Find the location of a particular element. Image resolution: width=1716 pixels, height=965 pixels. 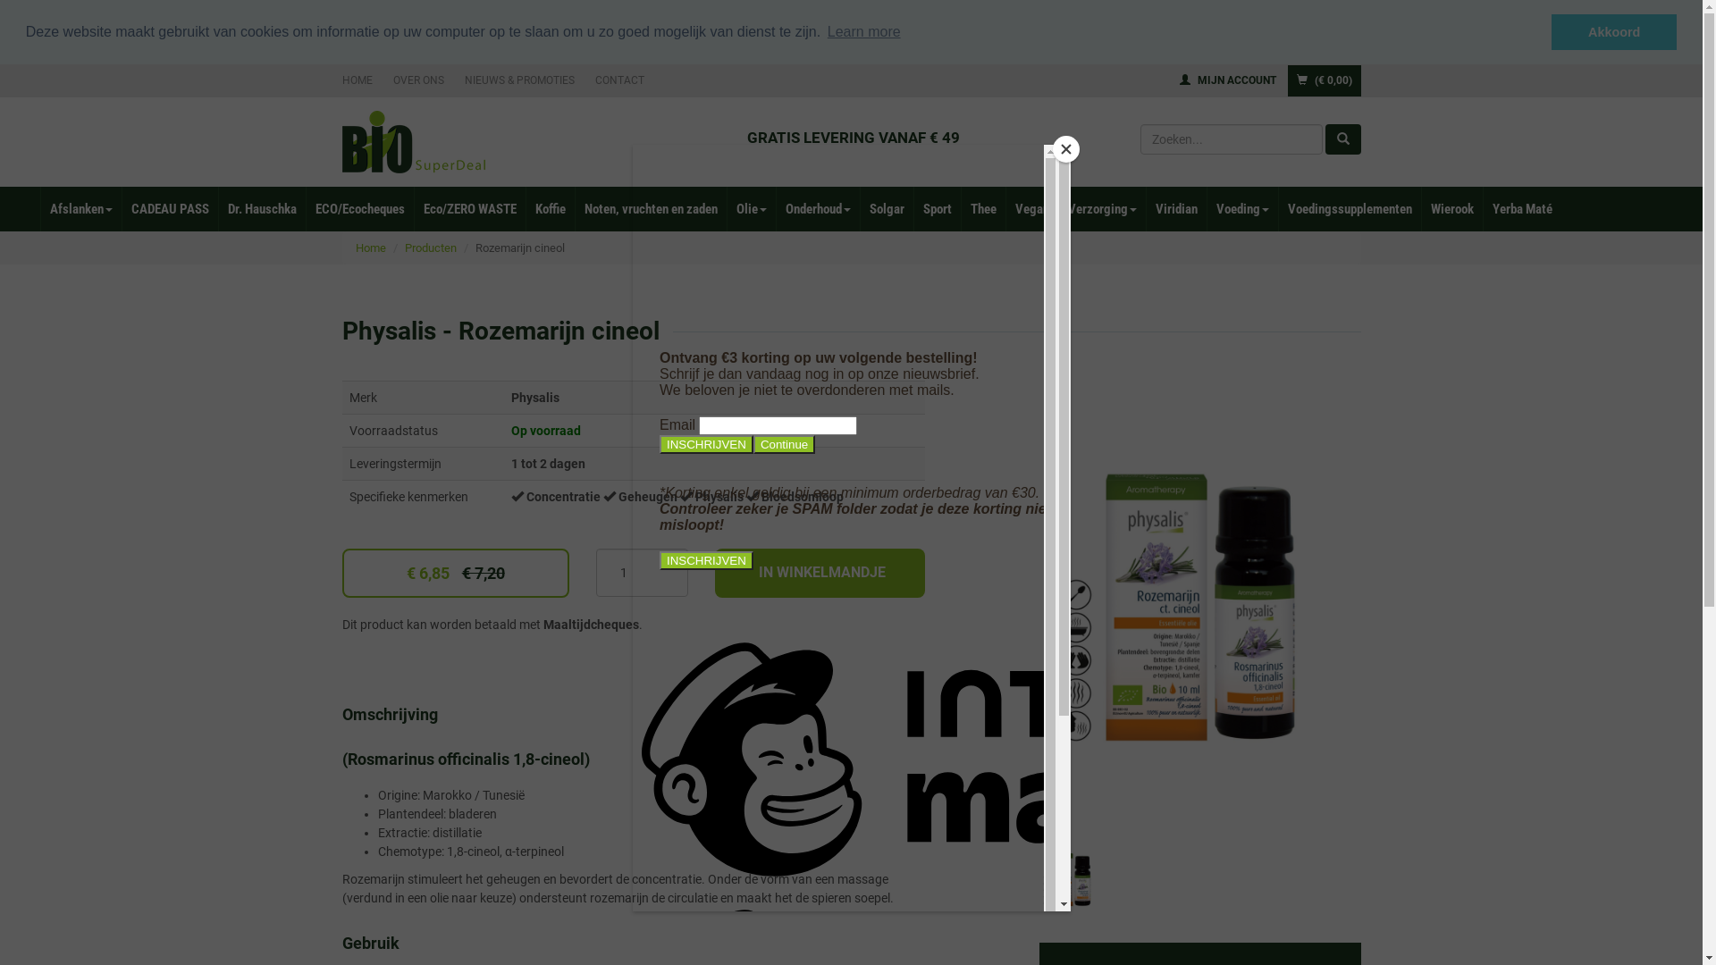

'Onderhoud' is located at coordinates (817, 206).